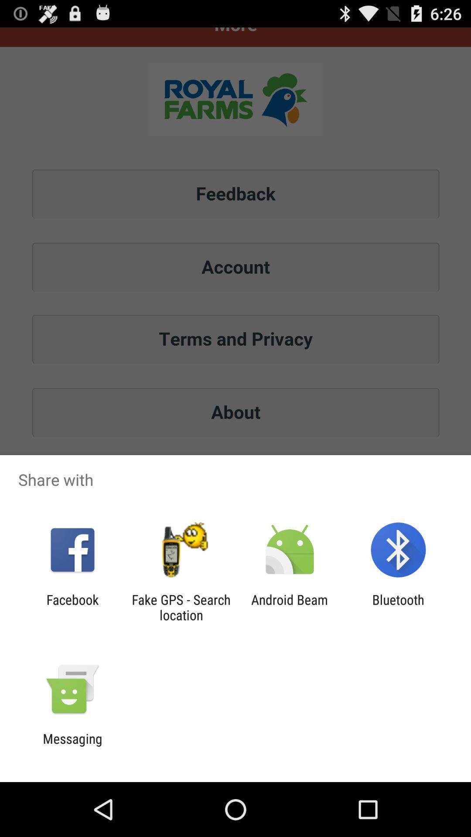 The width and height of the screenshot is (471, 837). I want to click on the android beam, so click(290, 607).